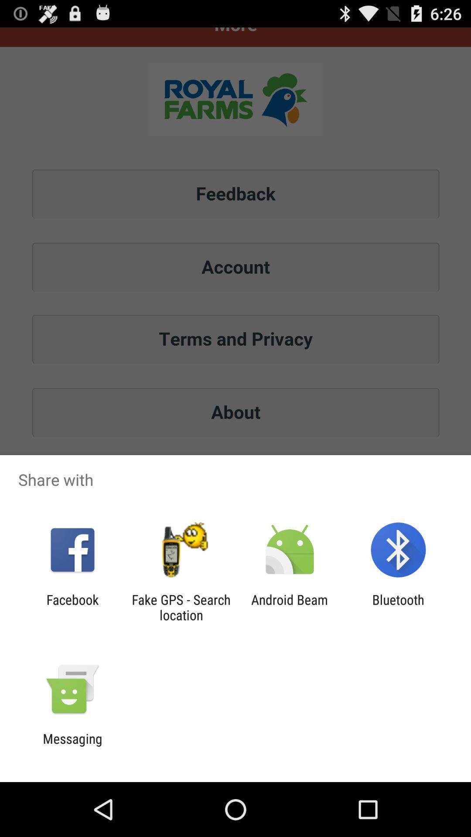 The width and height of the screenshot is (471, 837). I want to click on the android beam, so click(290, 607).